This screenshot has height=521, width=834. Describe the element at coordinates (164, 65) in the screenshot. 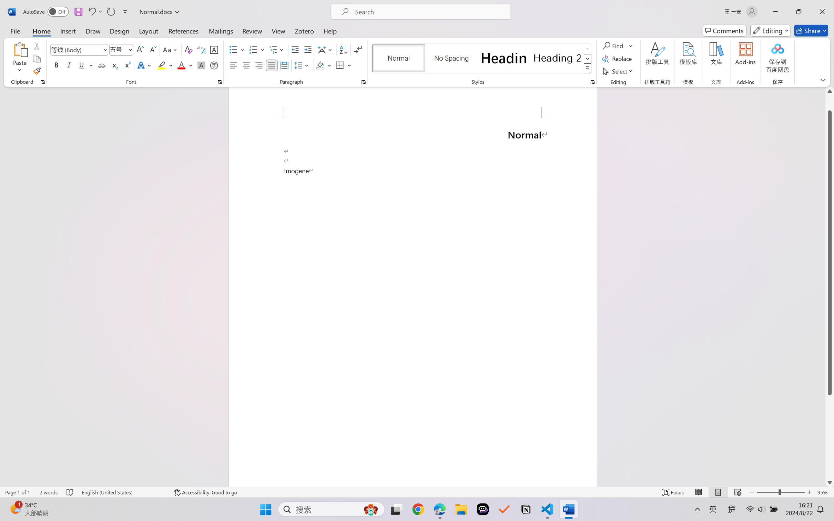

I see `'Text Highlight Color'` at that location.